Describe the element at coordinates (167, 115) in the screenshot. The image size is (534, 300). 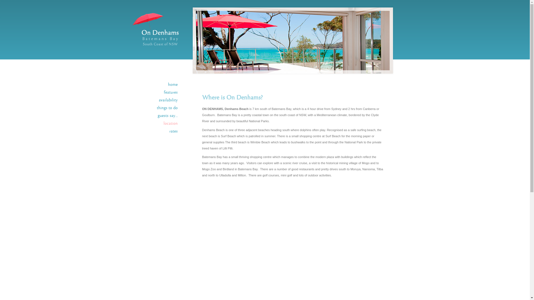
I see `'guests say...'` at that location.